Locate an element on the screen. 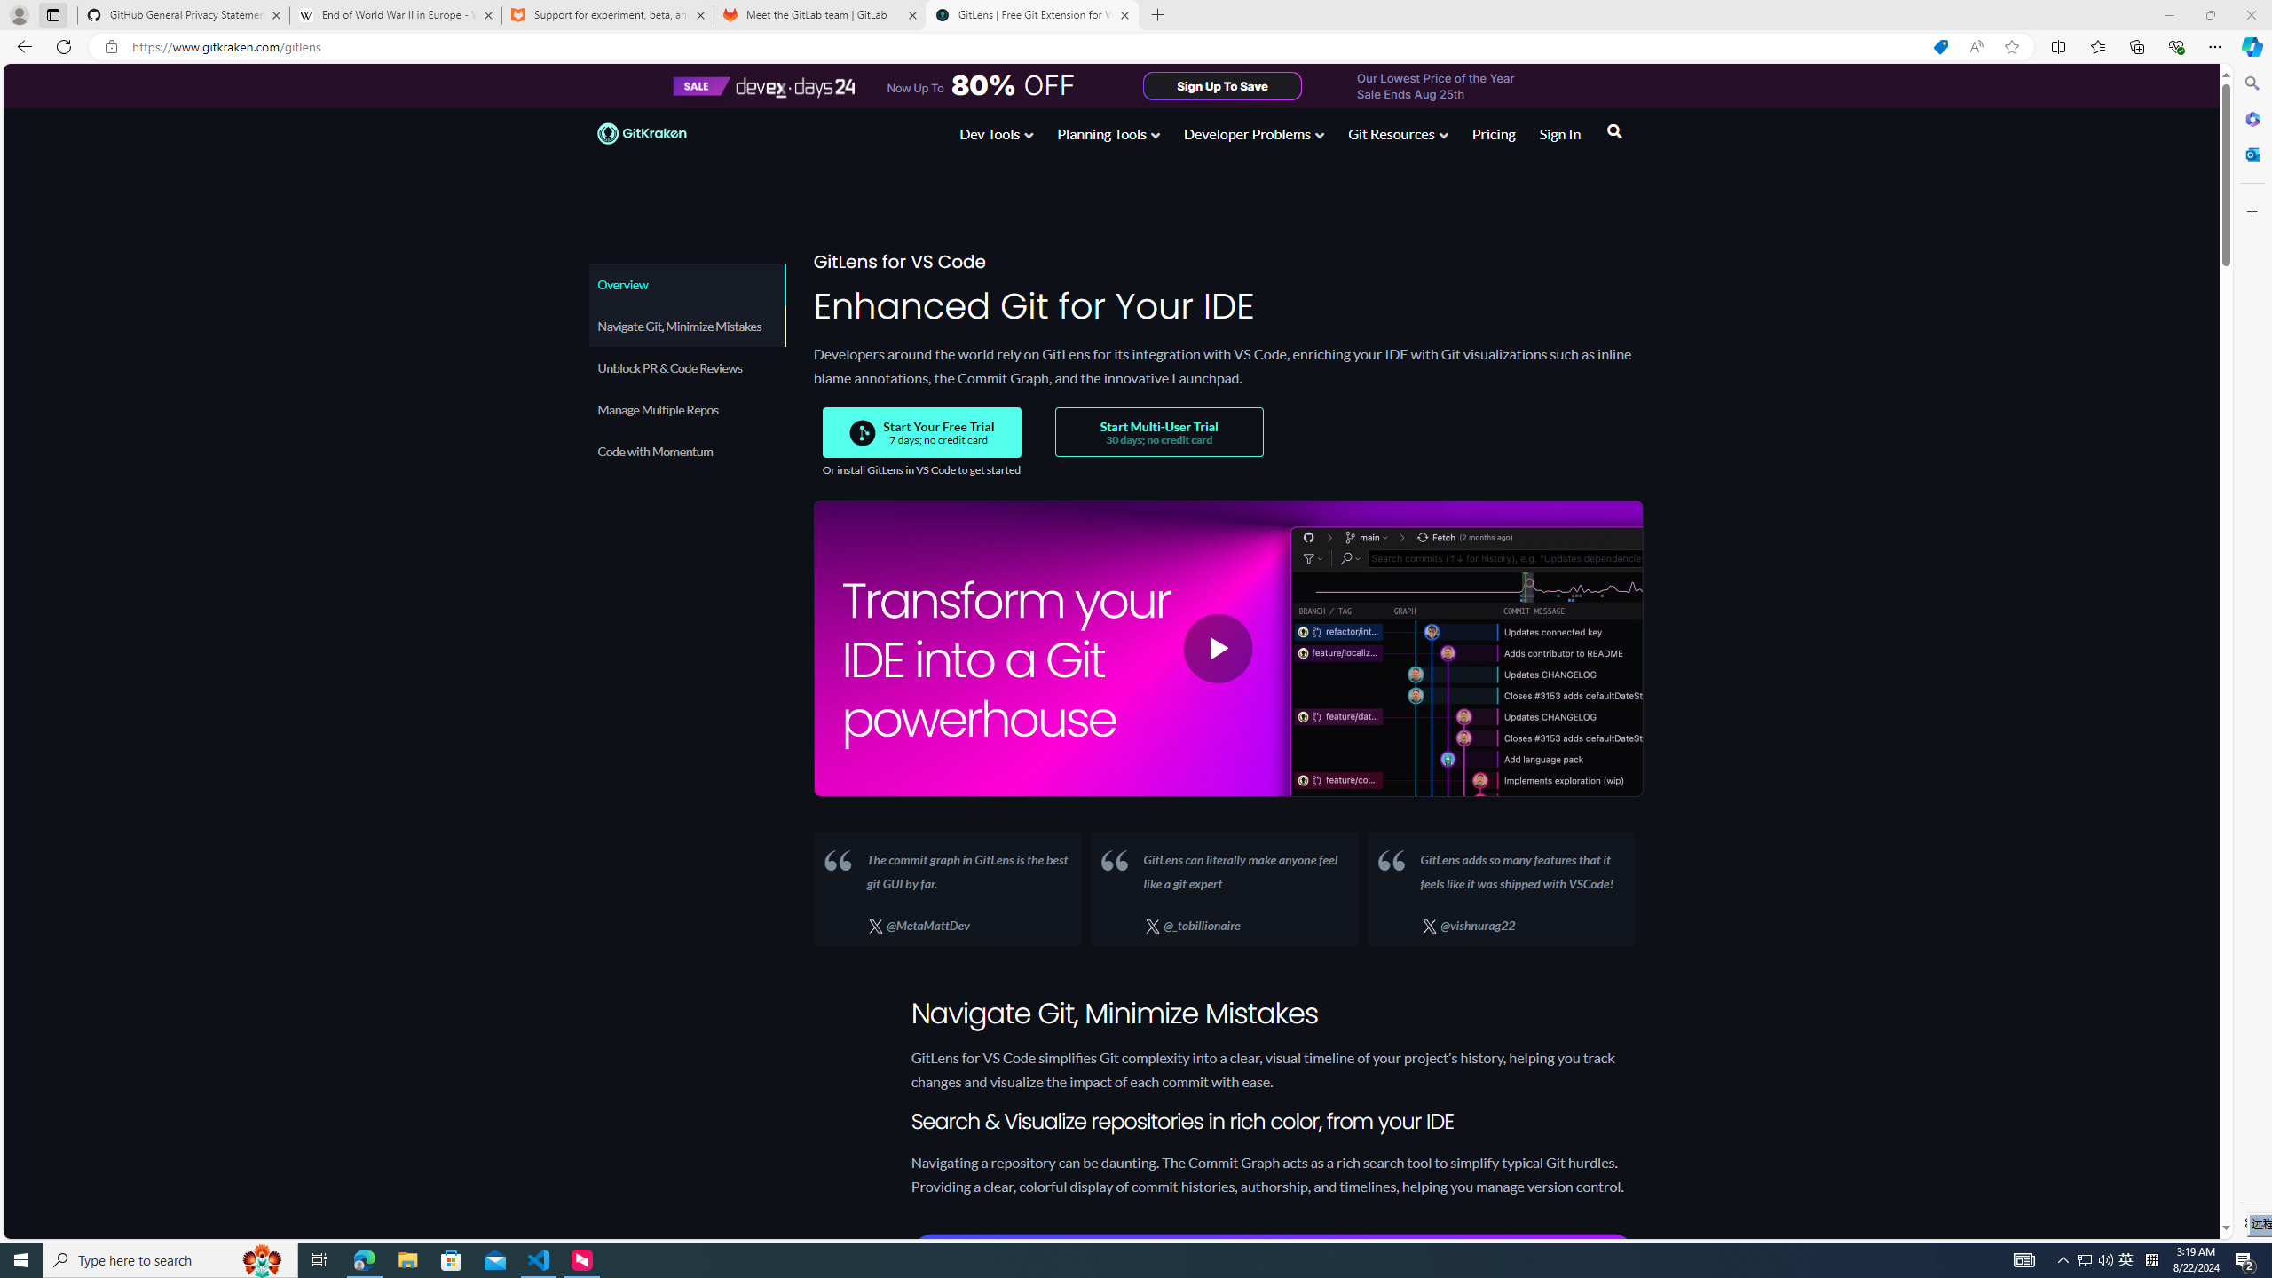  'Meet the GitLab team | GitLab' is located at coordinates (820, 14).